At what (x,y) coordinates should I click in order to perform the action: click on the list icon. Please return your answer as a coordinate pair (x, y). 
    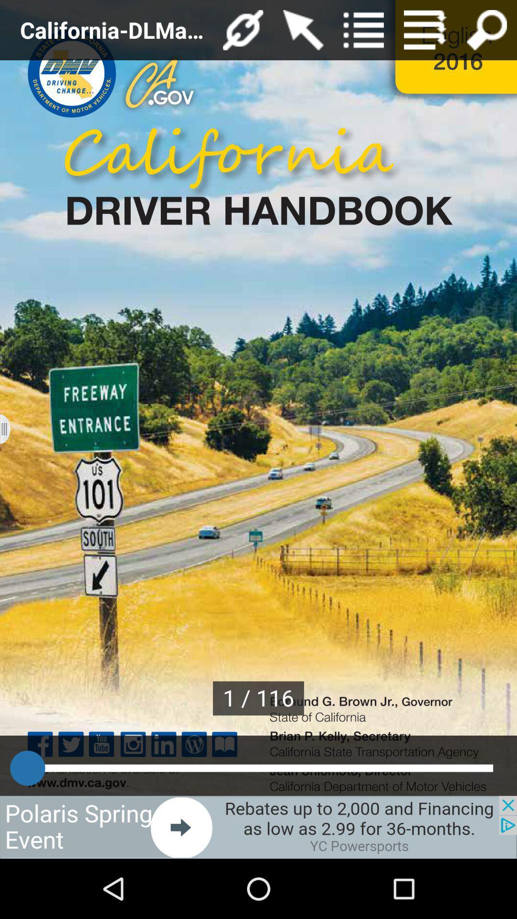
    Looking at the image, I should click on (363, 32).